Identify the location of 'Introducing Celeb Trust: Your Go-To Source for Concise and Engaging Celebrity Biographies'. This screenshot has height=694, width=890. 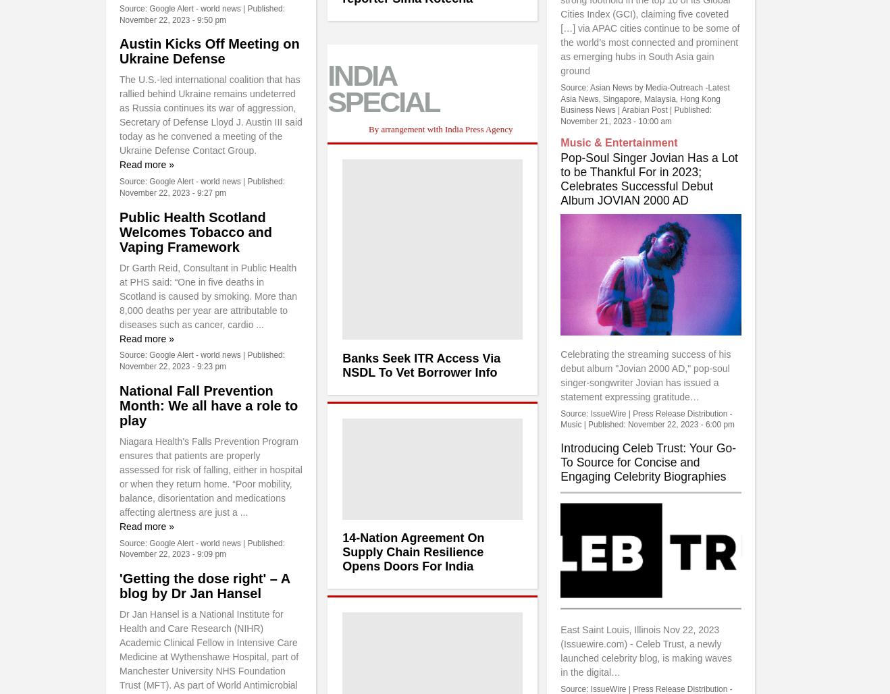
(648, 462).